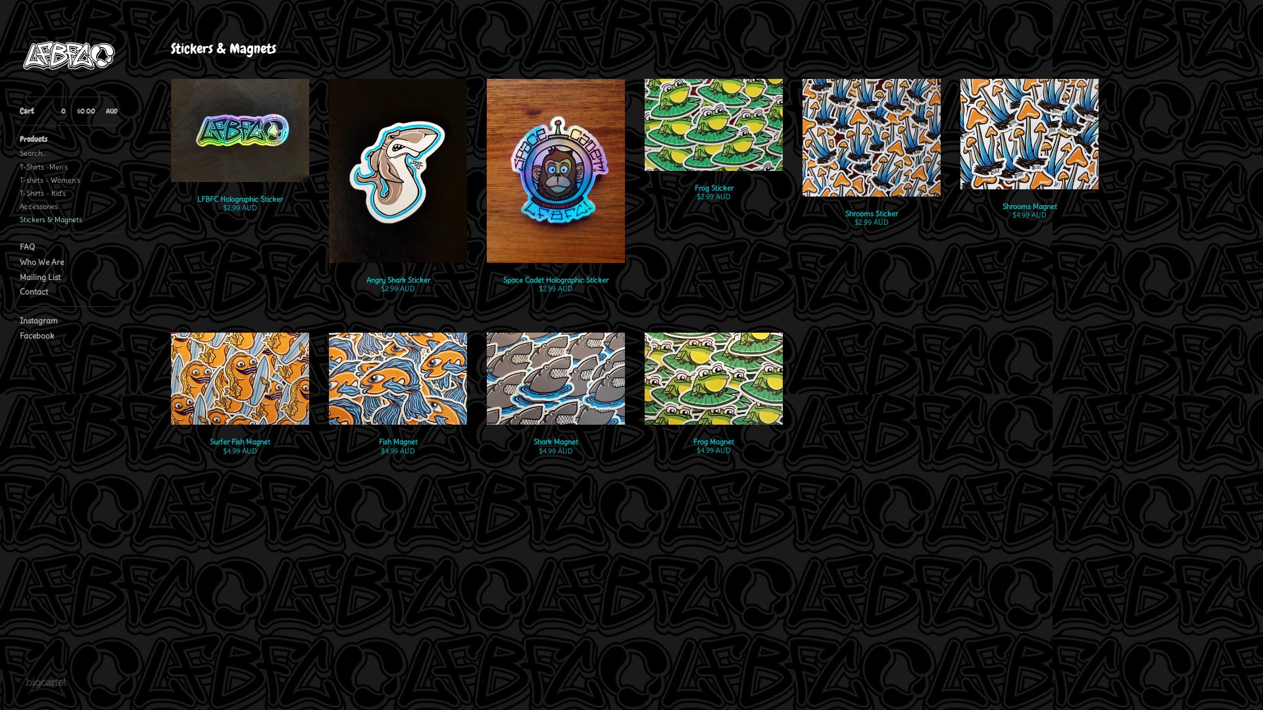 The image size is (1263, 710). I want to click on 'Shark Magnet, so click(555, 402).